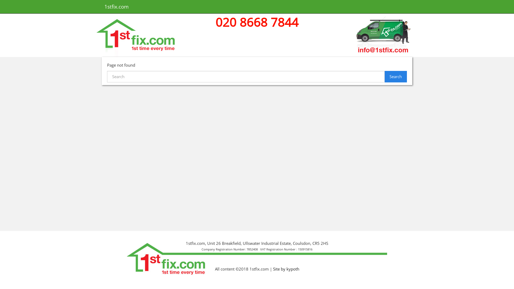 Image resolution: width=514 pixels, height=289 pixels. I want to click on '1stfix.com', so click(100, 6).